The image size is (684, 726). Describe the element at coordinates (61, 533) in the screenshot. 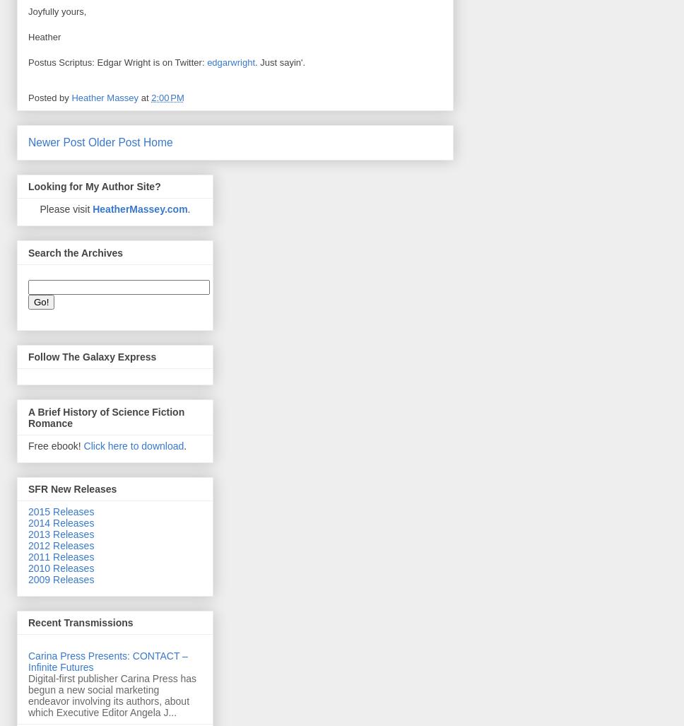

I see `'2013 Releases'` at that location.